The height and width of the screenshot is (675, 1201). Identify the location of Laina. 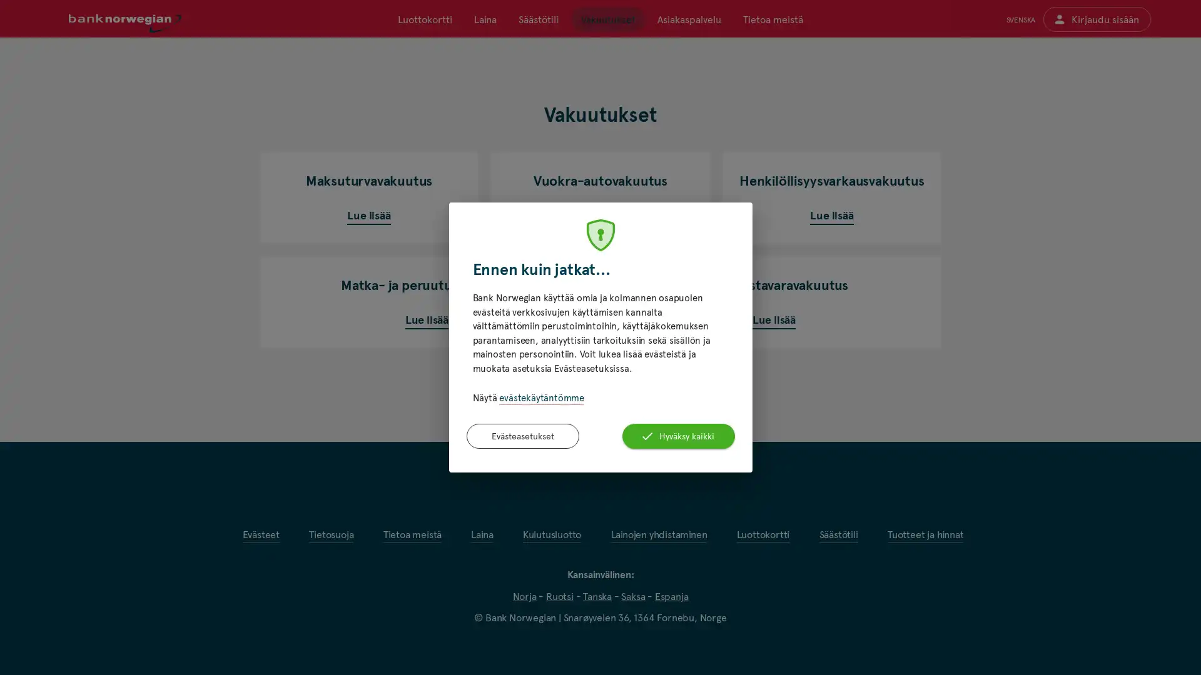
(485, 19).